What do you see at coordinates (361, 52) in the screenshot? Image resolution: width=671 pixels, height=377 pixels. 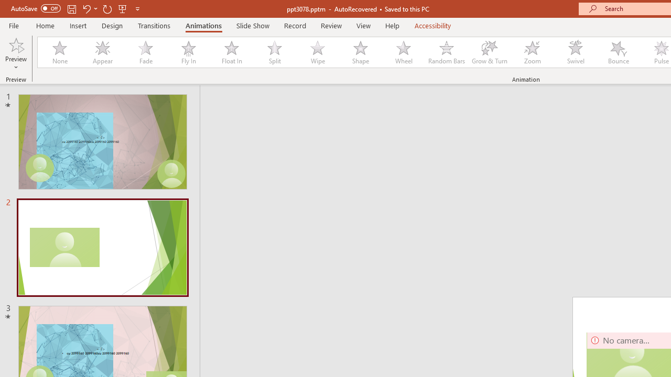 I see `'Shape'` at bounding box center [361, 52].